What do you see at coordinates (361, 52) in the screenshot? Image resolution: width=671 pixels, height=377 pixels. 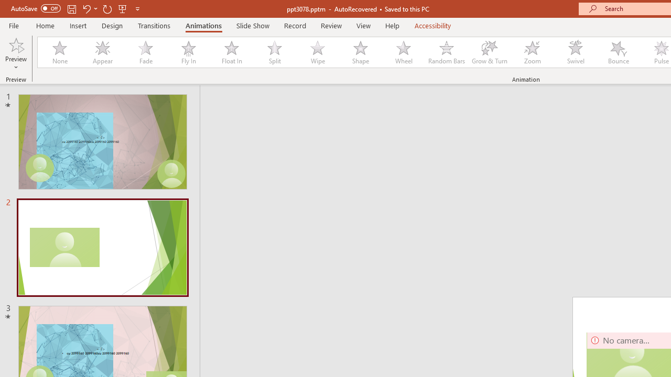 I see `'Shape'` at bounding box center [361, 52].